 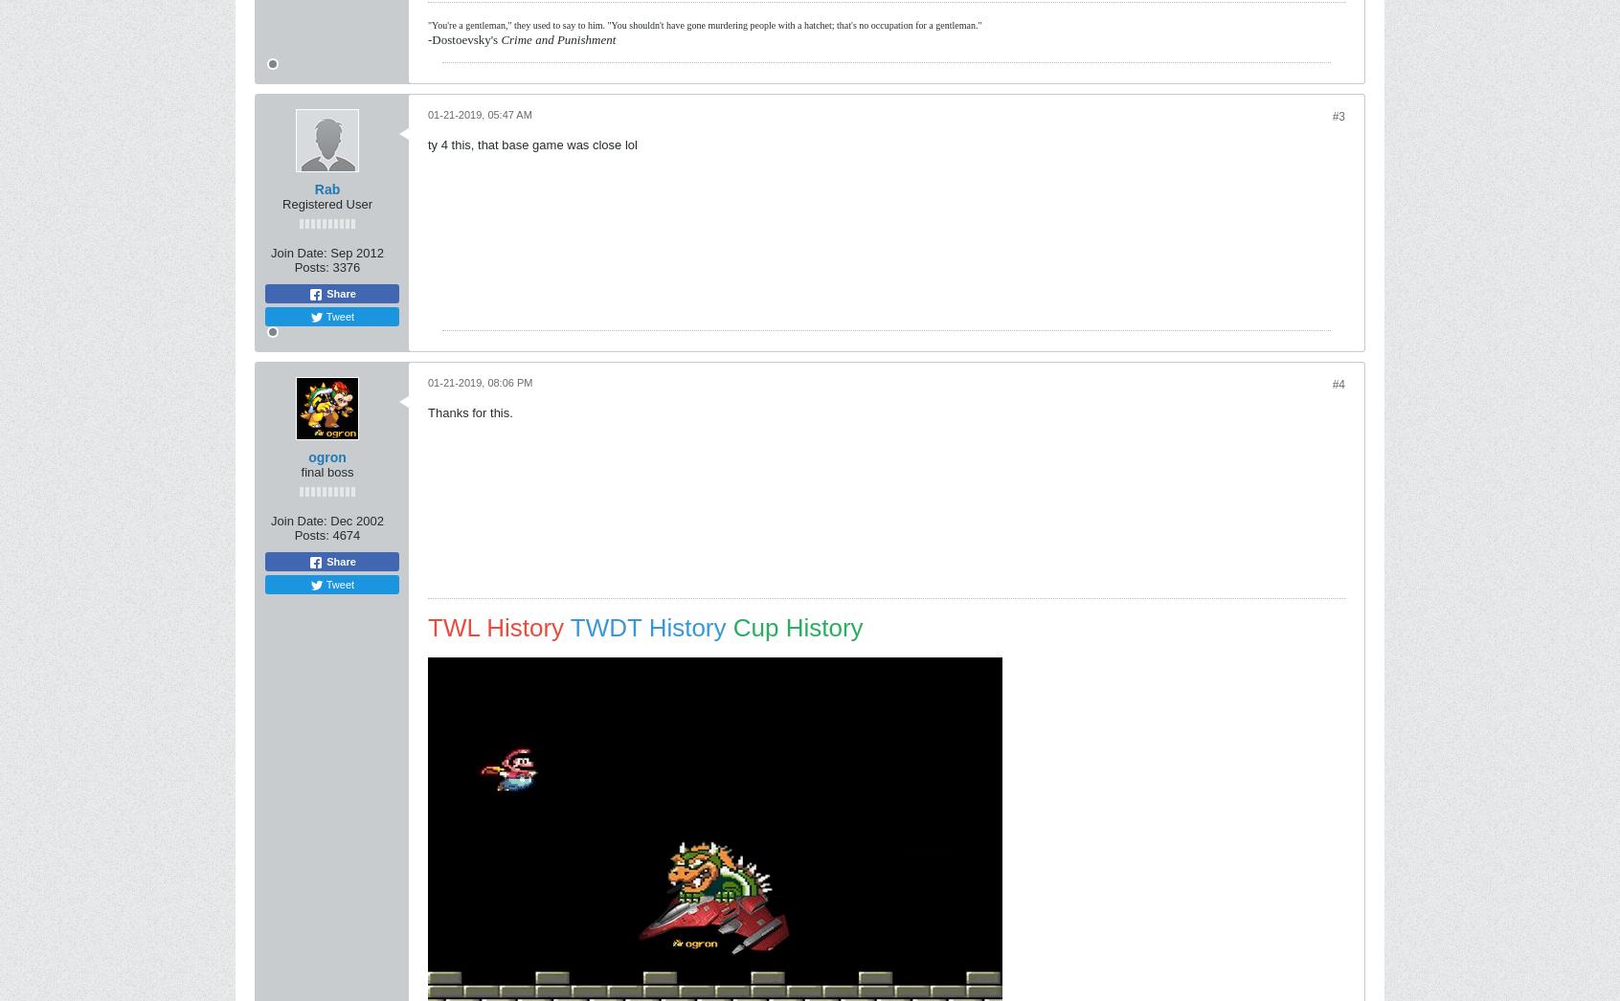 I want to click on 'Sep 2012', so click(x=356, y=253).